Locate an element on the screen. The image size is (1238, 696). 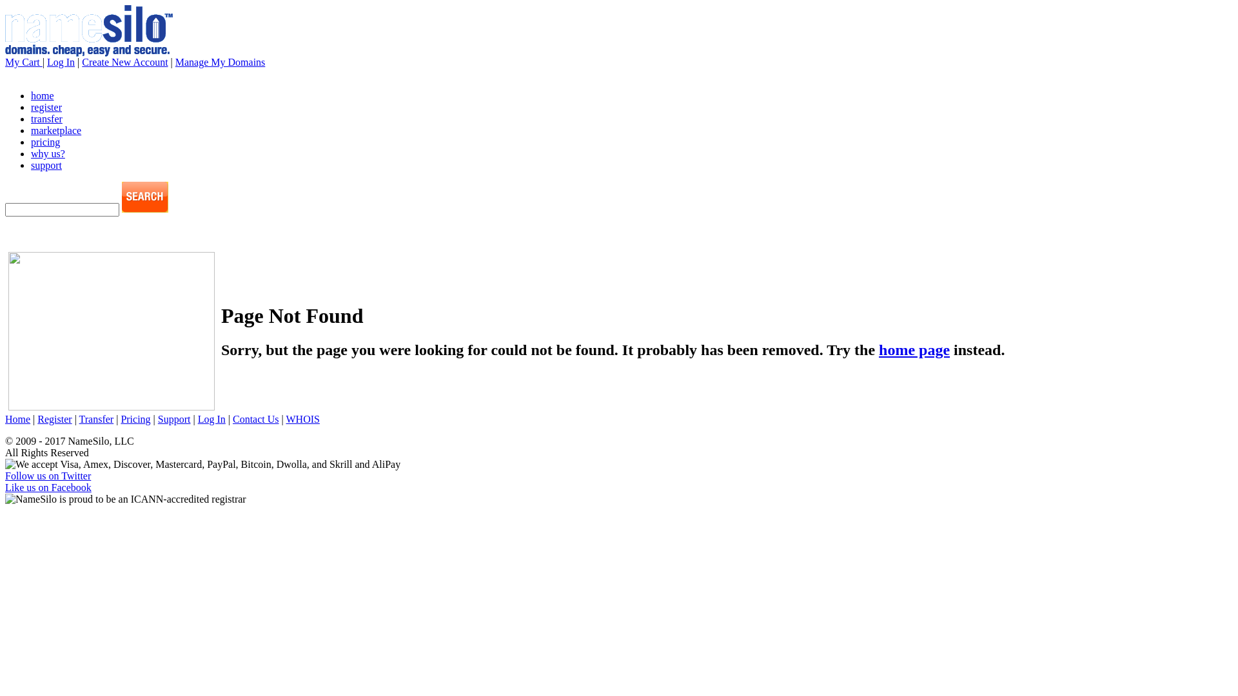
'register' is located at coordinates (46, 106).